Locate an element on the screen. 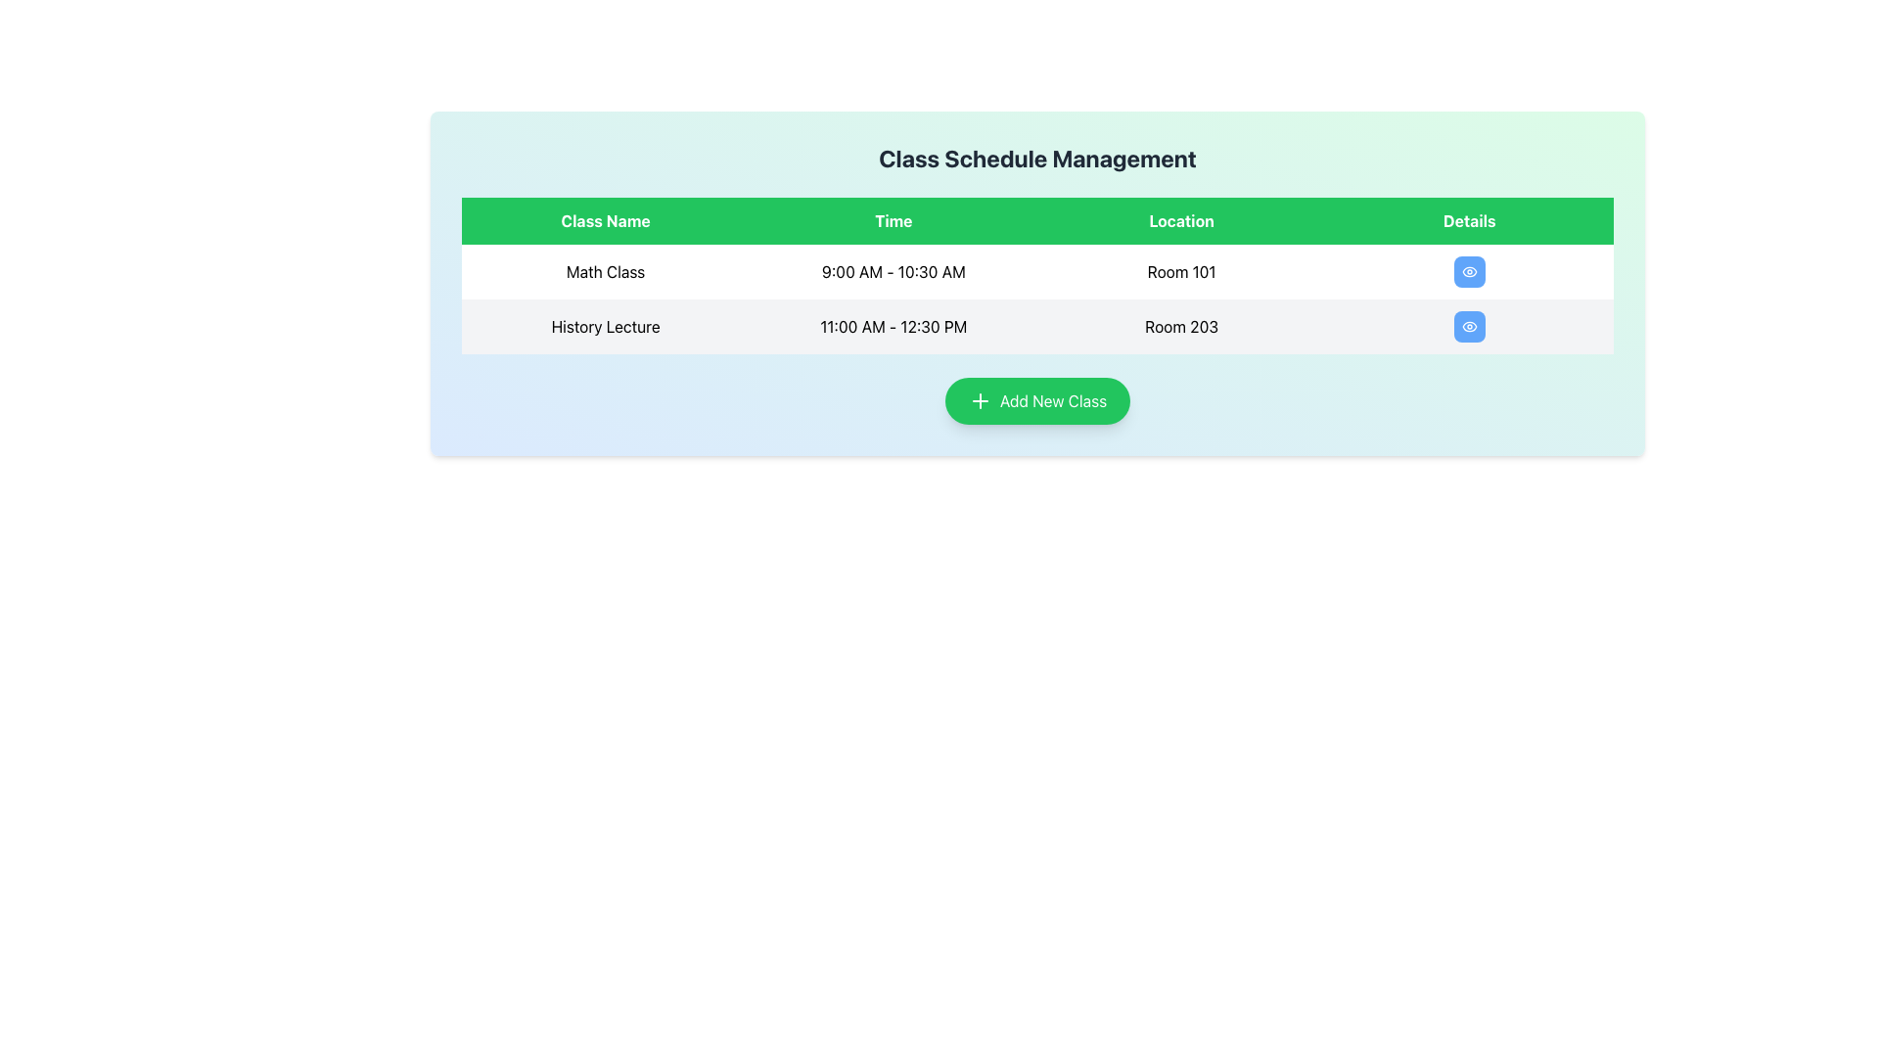  the Text label in the first column of the second row of the table, which displays the title of the class is located at coordinates (605, 326).